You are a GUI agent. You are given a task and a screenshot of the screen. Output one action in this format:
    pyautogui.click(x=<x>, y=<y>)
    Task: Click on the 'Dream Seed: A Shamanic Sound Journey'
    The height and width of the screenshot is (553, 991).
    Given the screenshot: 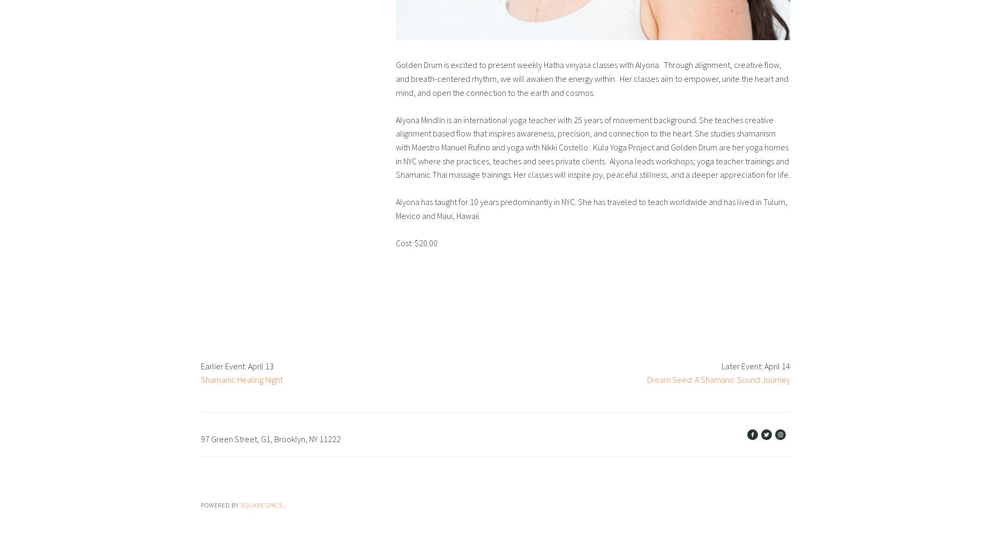 What is the action you would take?
    pyautogui.click(x=647, y=380)
    